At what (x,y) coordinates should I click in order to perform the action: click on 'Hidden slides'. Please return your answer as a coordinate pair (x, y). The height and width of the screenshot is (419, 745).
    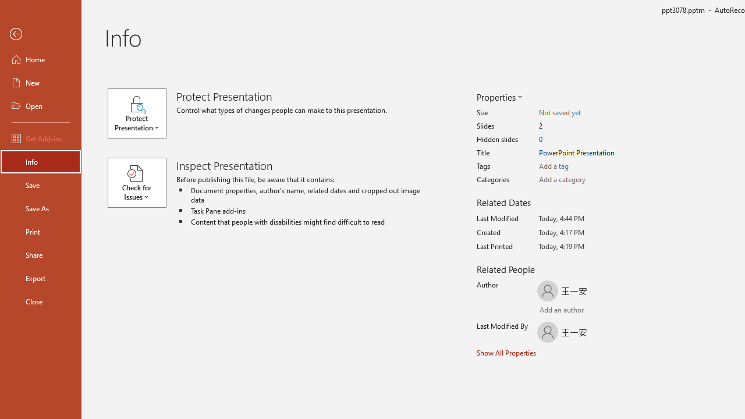
    Looking at the image, I should click on (584, 139).